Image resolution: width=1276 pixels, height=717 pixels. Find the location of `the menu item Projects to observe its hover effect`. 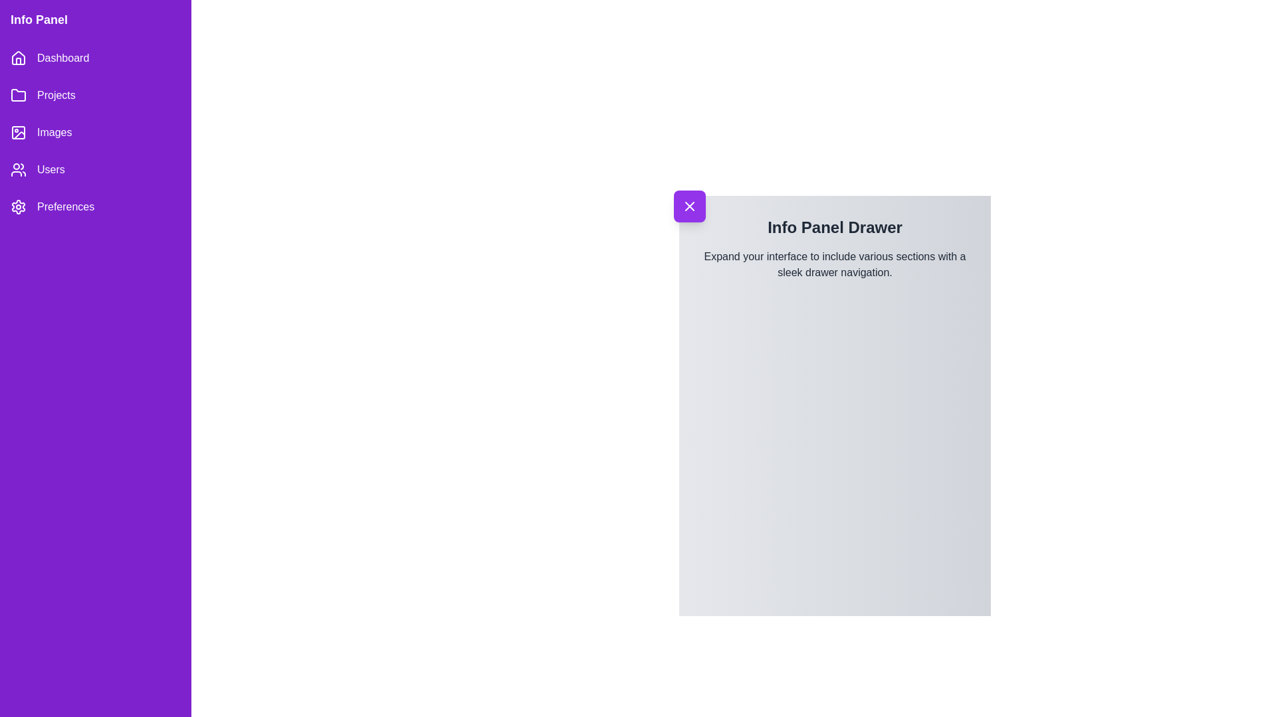

the menu item Projects to observe its hover effect is located at coordinates (95, 94).